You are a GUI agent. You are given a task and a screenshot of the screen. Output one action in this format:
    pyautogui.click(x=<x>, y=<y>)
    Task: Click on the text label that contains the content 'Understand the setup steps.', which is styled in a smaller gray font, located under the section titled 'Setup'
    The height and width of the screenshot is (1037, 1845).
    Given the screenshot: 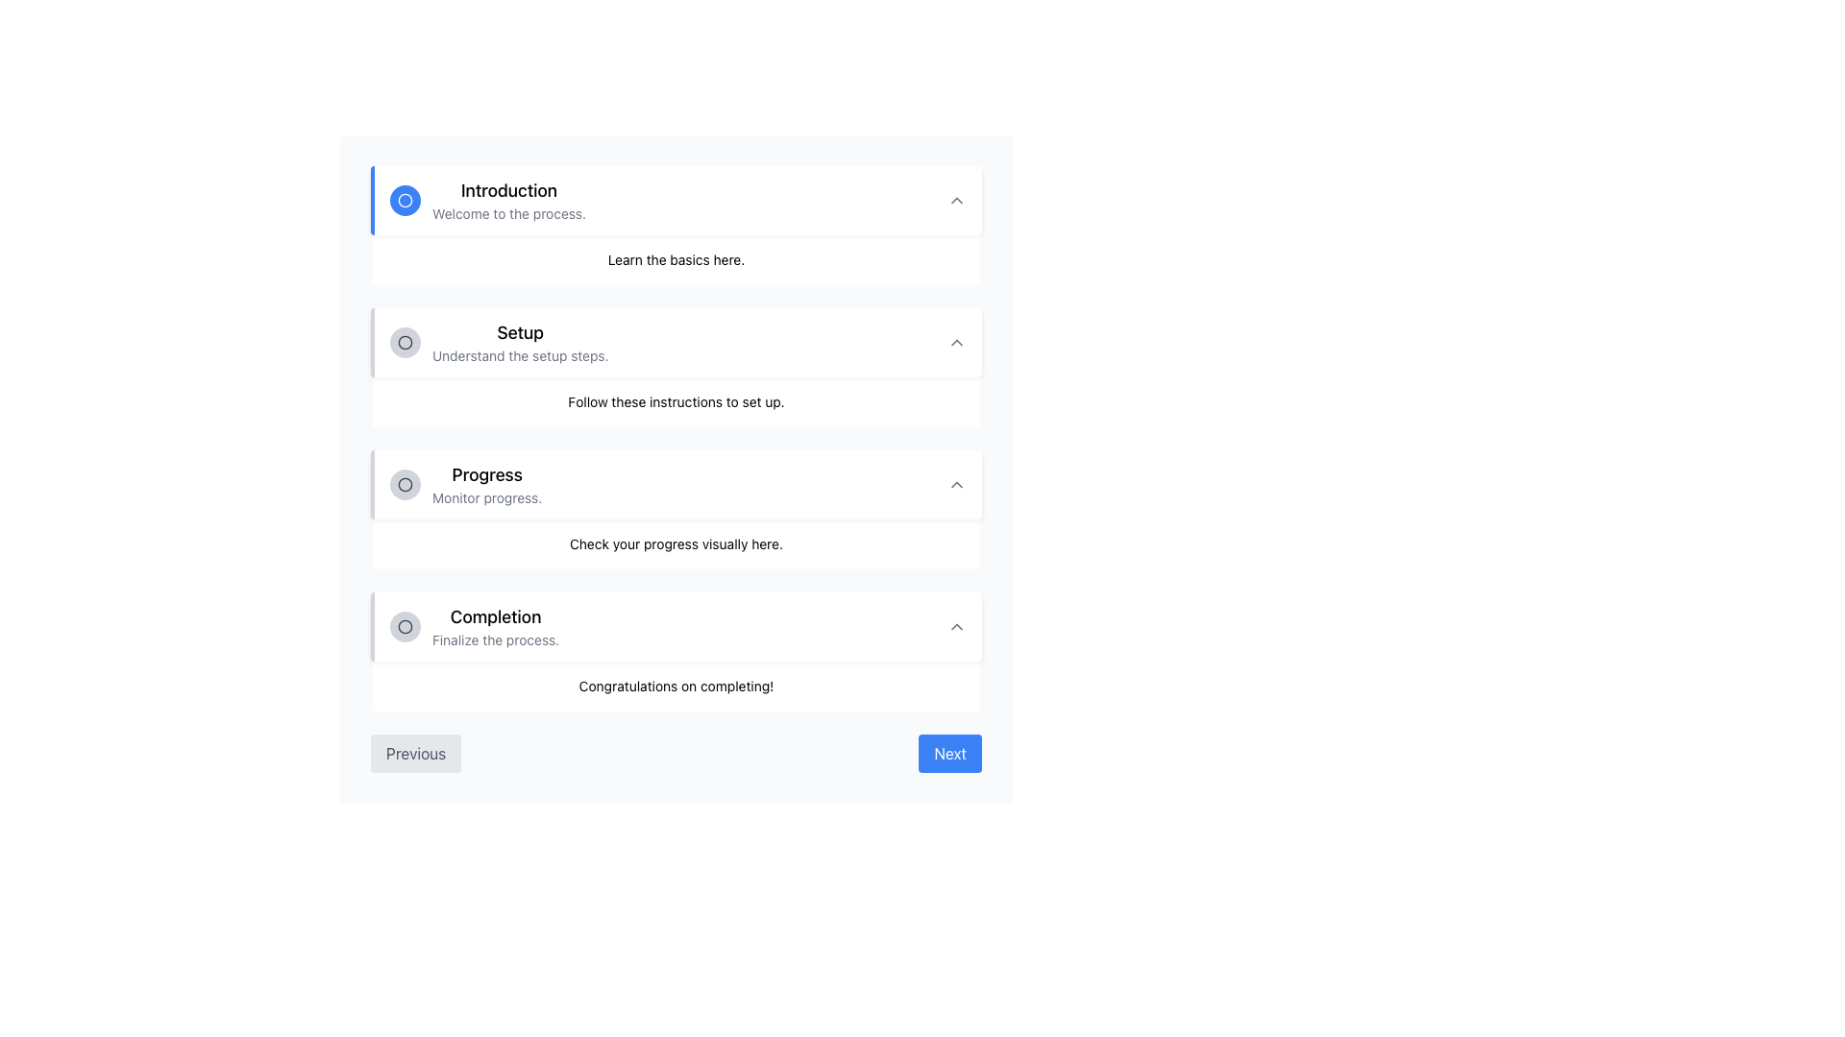 What is the action you would take?
    pyautogui.click(x=520, y=355)
    